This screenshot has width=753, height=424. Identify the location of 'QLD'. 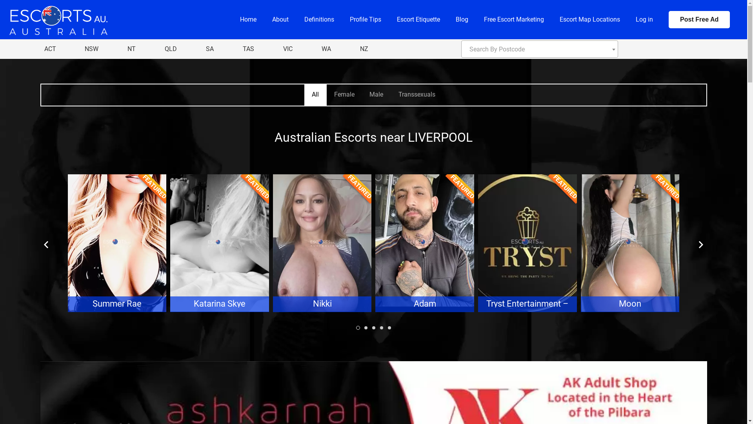
(170, 49).